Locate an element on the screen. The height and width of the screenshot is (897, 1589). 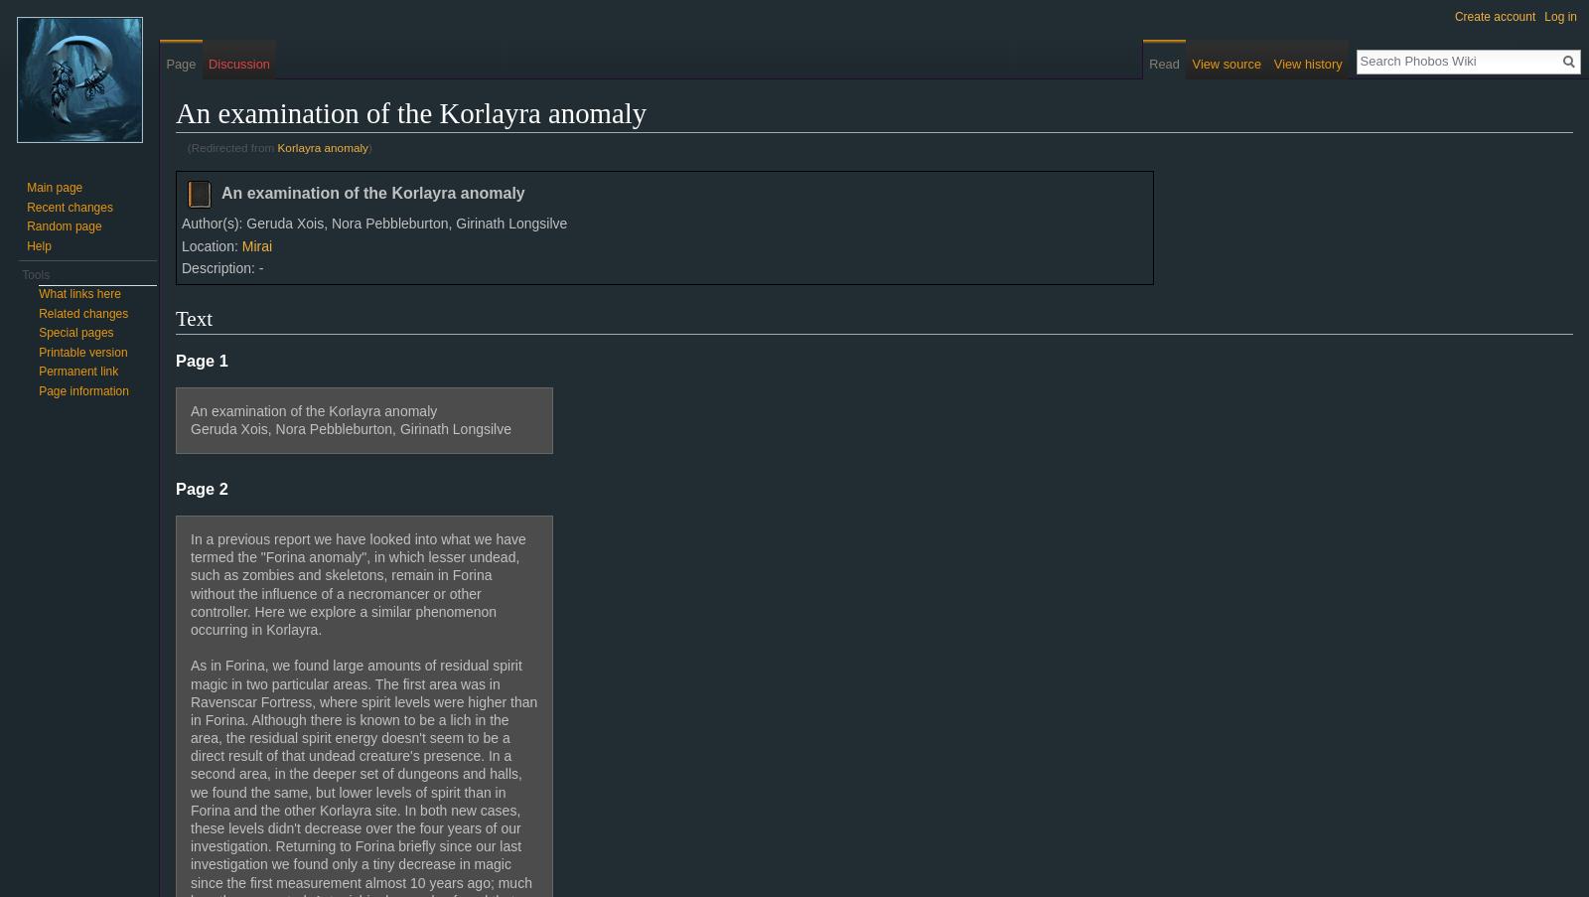
'An examination of the Korlayra anomaly
Geruda Xois, Nora Pebbleburton, Girinath Longsilve' is located at coordinates (350, 418).